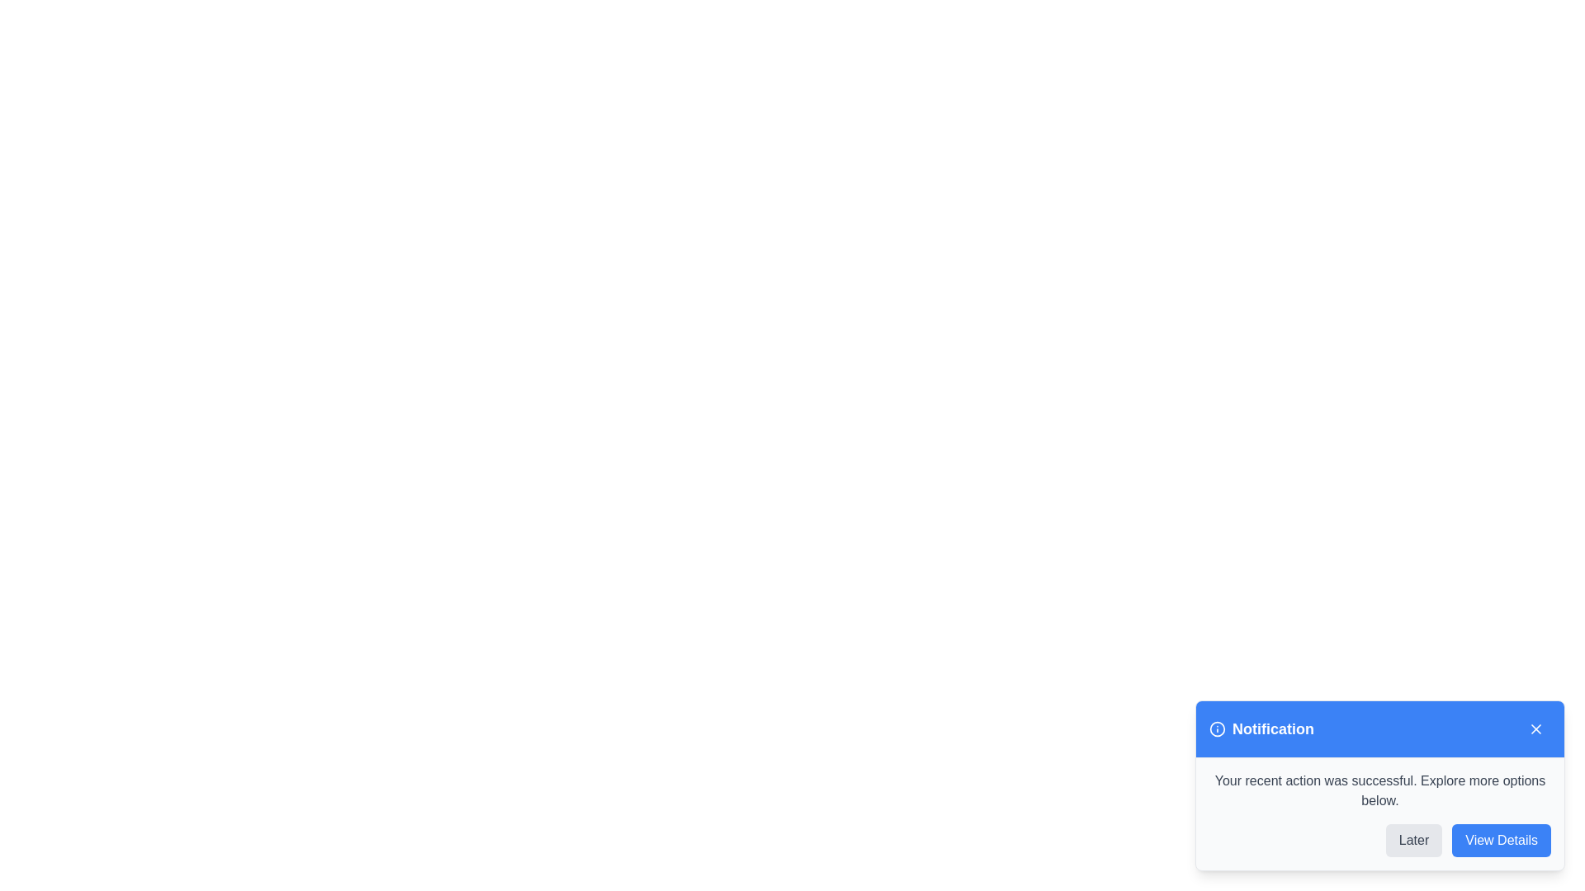  Describe the element at coordinates (1379, 813) in the screenshot. I see `the 'View Details' button in the Notification Message Box to proceed with more information` at that location.